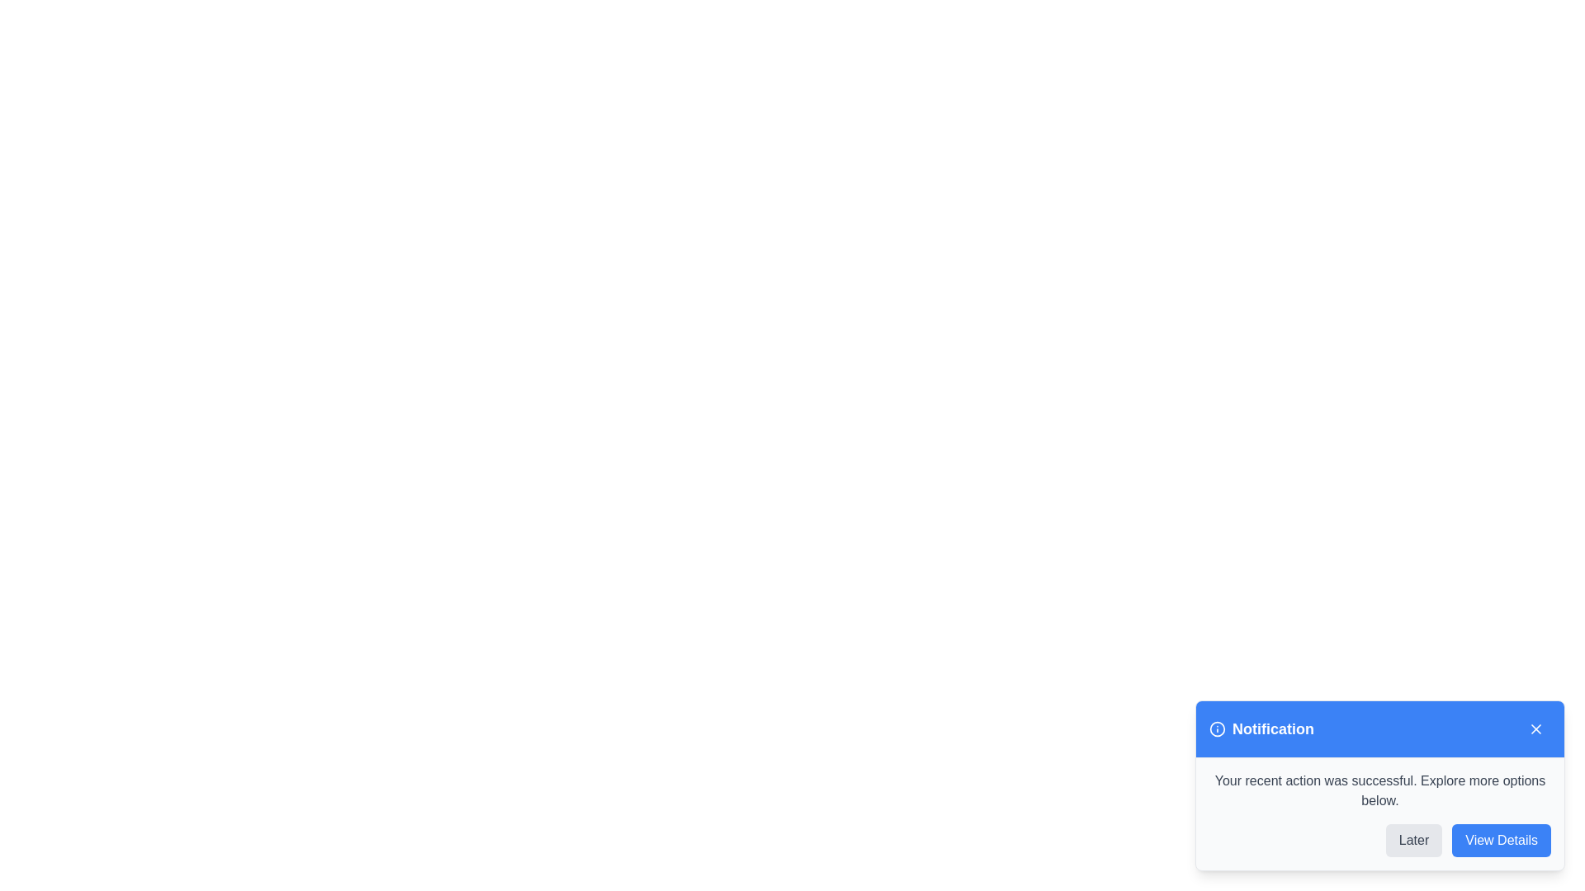  Describe the element at coordinates (1379, 813) in the screenshot. I see `the 'View Details' button in the Notification Message Box to proceed with more information` at that location.